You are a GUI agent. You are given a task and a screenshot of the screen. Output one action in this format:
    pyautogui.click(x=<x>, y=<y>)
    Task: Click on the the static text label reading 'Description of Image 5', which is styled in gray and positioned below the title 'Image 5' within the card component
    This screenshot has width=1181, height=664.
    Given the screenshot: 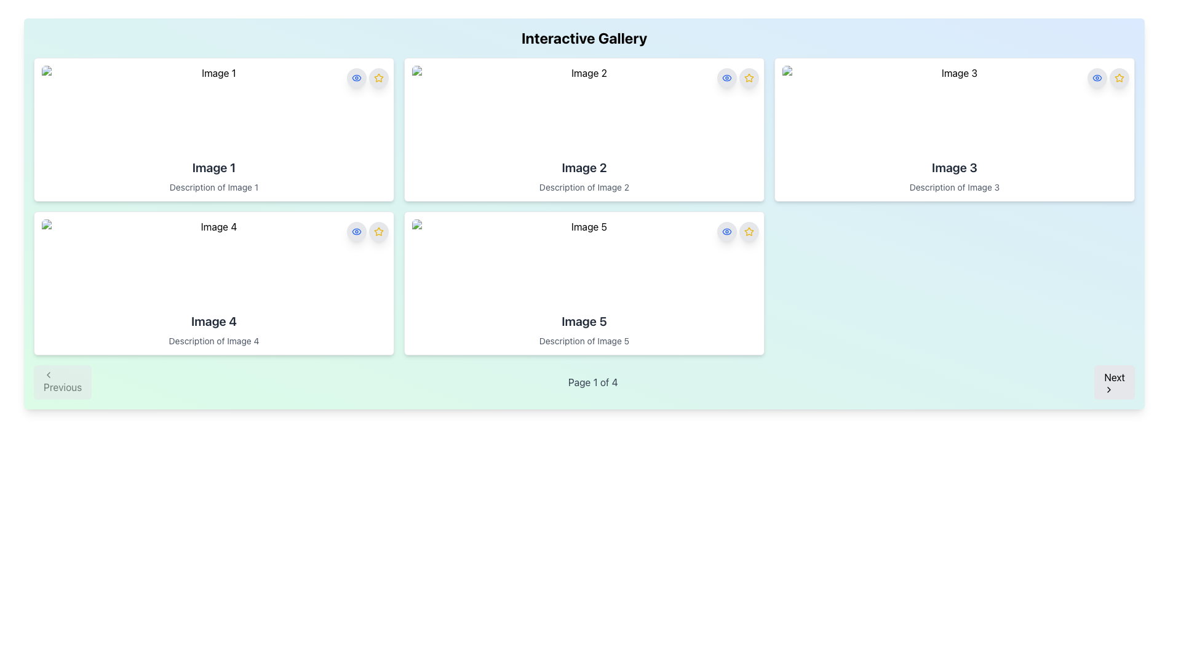 What is the action you would take?
    pyautogui.click(x=584, y=341)
    